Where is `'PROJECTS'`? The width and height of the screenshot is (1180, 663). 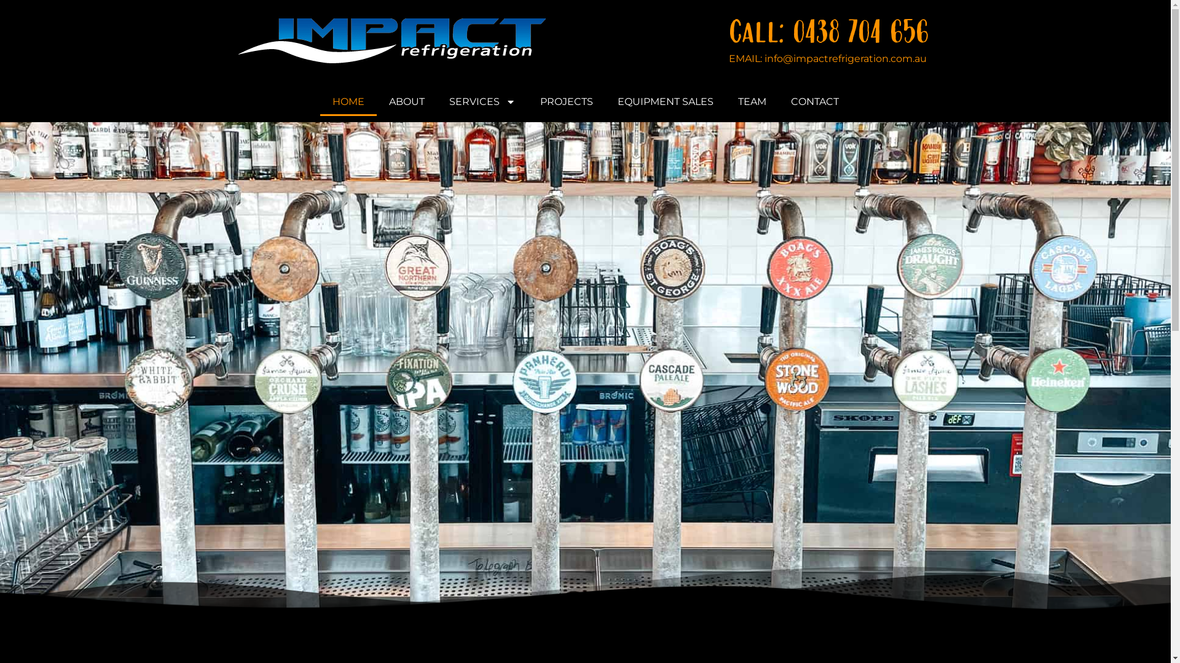
'PROJECTS' is located at coordinates (565, 101).